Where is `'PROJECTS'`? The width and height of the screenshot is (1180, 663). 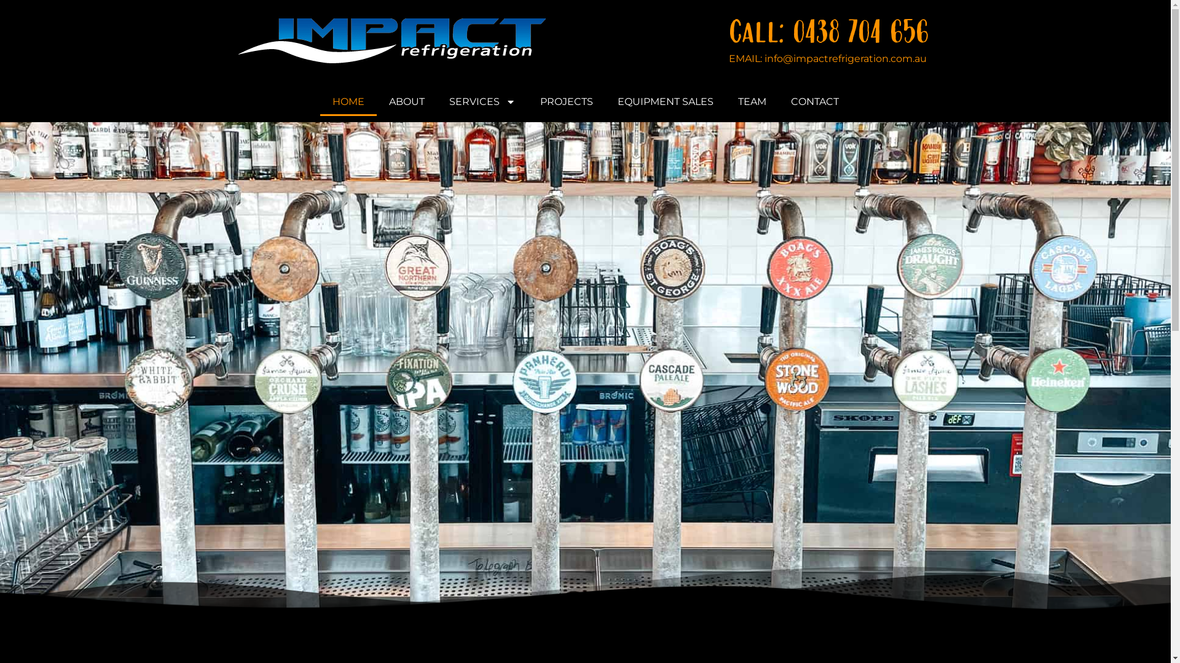
'PROJECTS' is located at coordinates (565, 101).